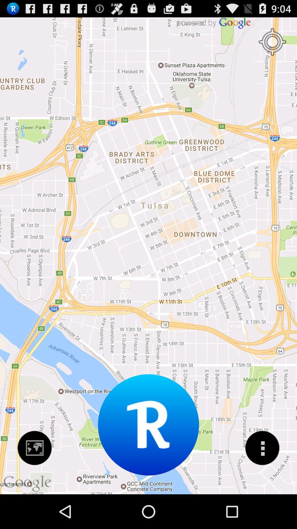  What do you see at coordinates (262, 479) in the screenshot?
I see `the more icon` at bounding box center [262, 479].